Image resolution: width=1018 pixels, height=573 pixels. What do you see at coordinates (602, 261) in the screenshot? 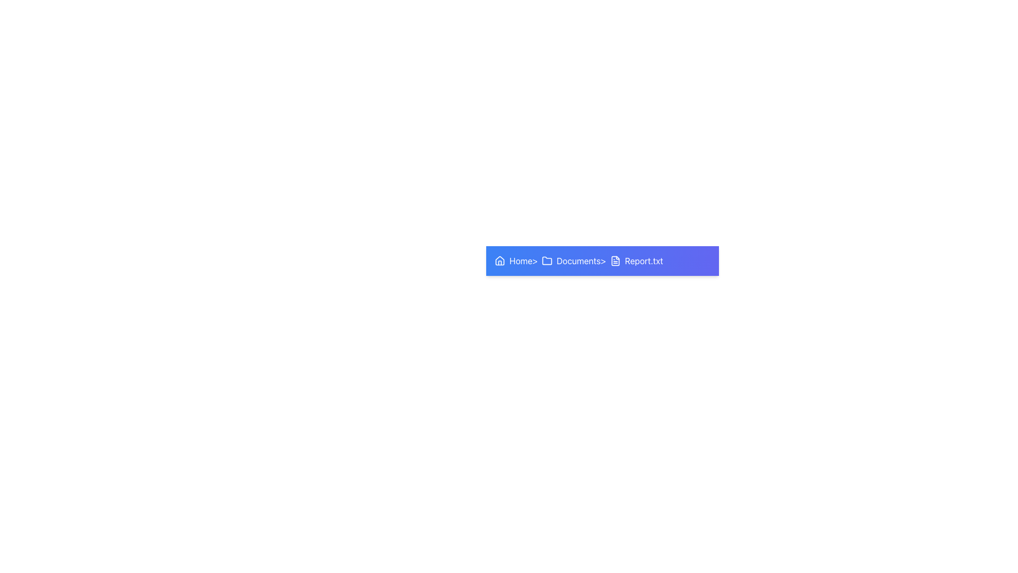
I see `the Breadcrumb Navigation Bar, which features a gradient background and includes the links 'Home', 'Documents', and 'Report.txt'` at bounding box center [602, 261].